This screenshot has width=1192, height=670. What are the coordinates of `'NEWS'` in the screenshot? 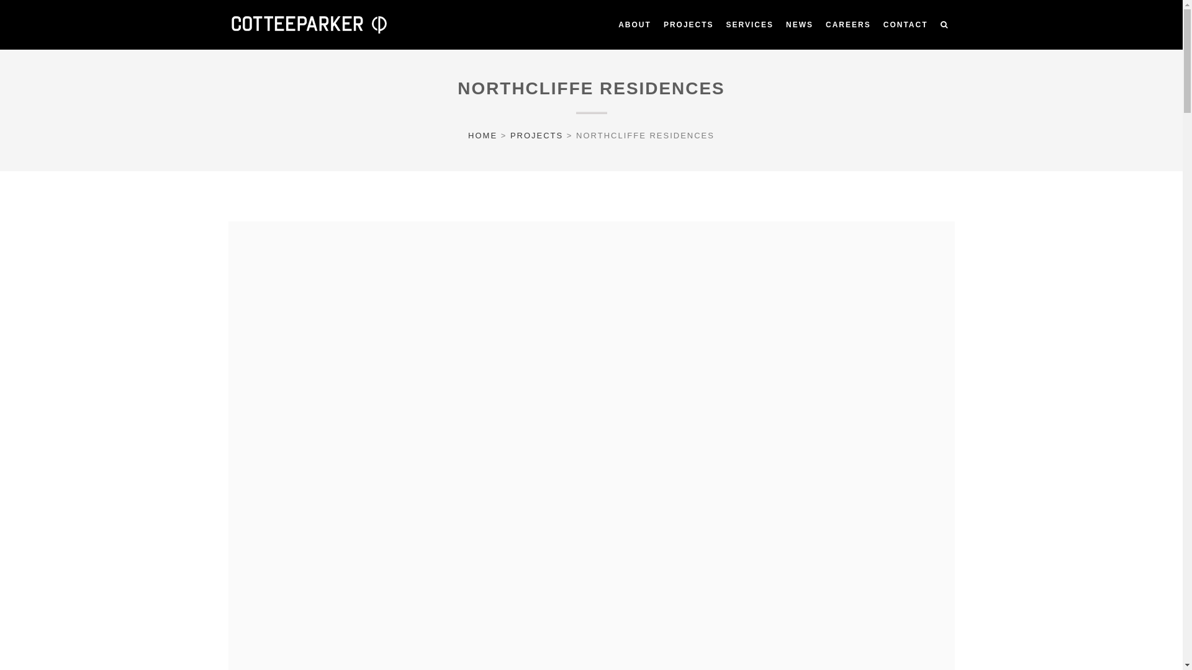 It's located at (799, 24).